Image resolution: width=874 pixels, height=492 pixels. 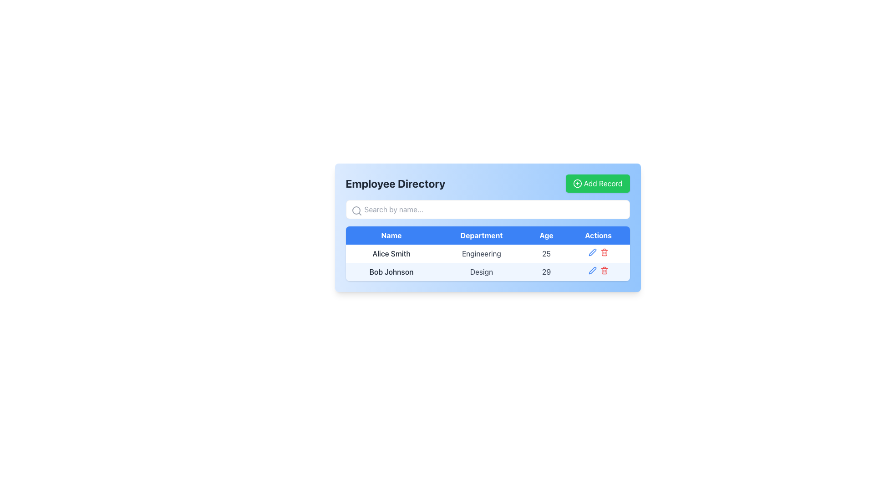 I want to click on the text label displaying the number '25' under the 'Age' header for the employee 'Alice Smith' in the table, so click(x=546, y=253).